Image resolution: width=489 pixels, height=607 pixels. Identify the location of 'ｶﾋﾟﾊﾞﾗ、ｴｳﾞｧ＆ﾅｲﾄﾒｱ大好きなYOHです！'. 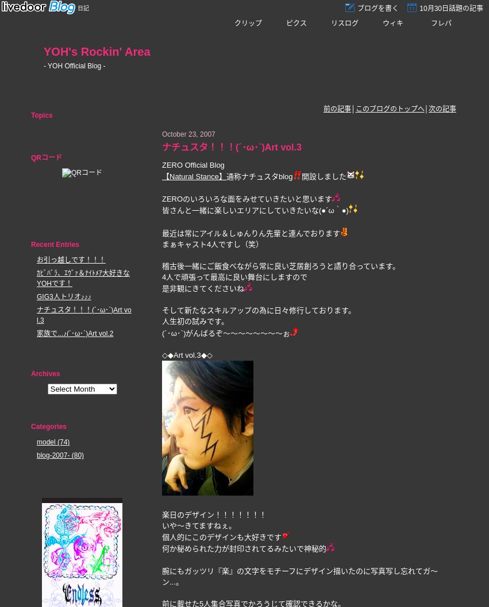
(83, 278).